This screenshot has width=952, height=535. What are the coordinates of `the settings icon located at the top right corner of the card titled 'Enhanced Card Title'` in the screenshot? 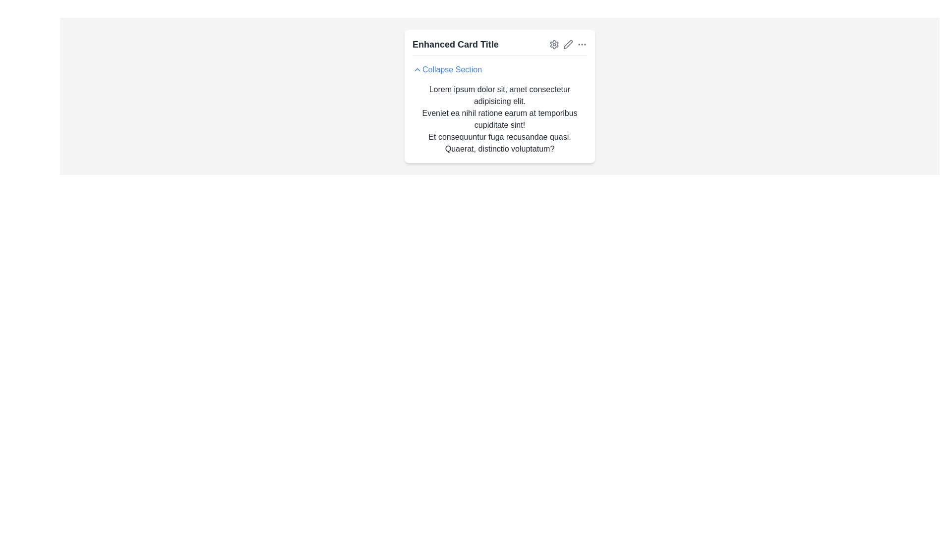 It's located at (554, 44).